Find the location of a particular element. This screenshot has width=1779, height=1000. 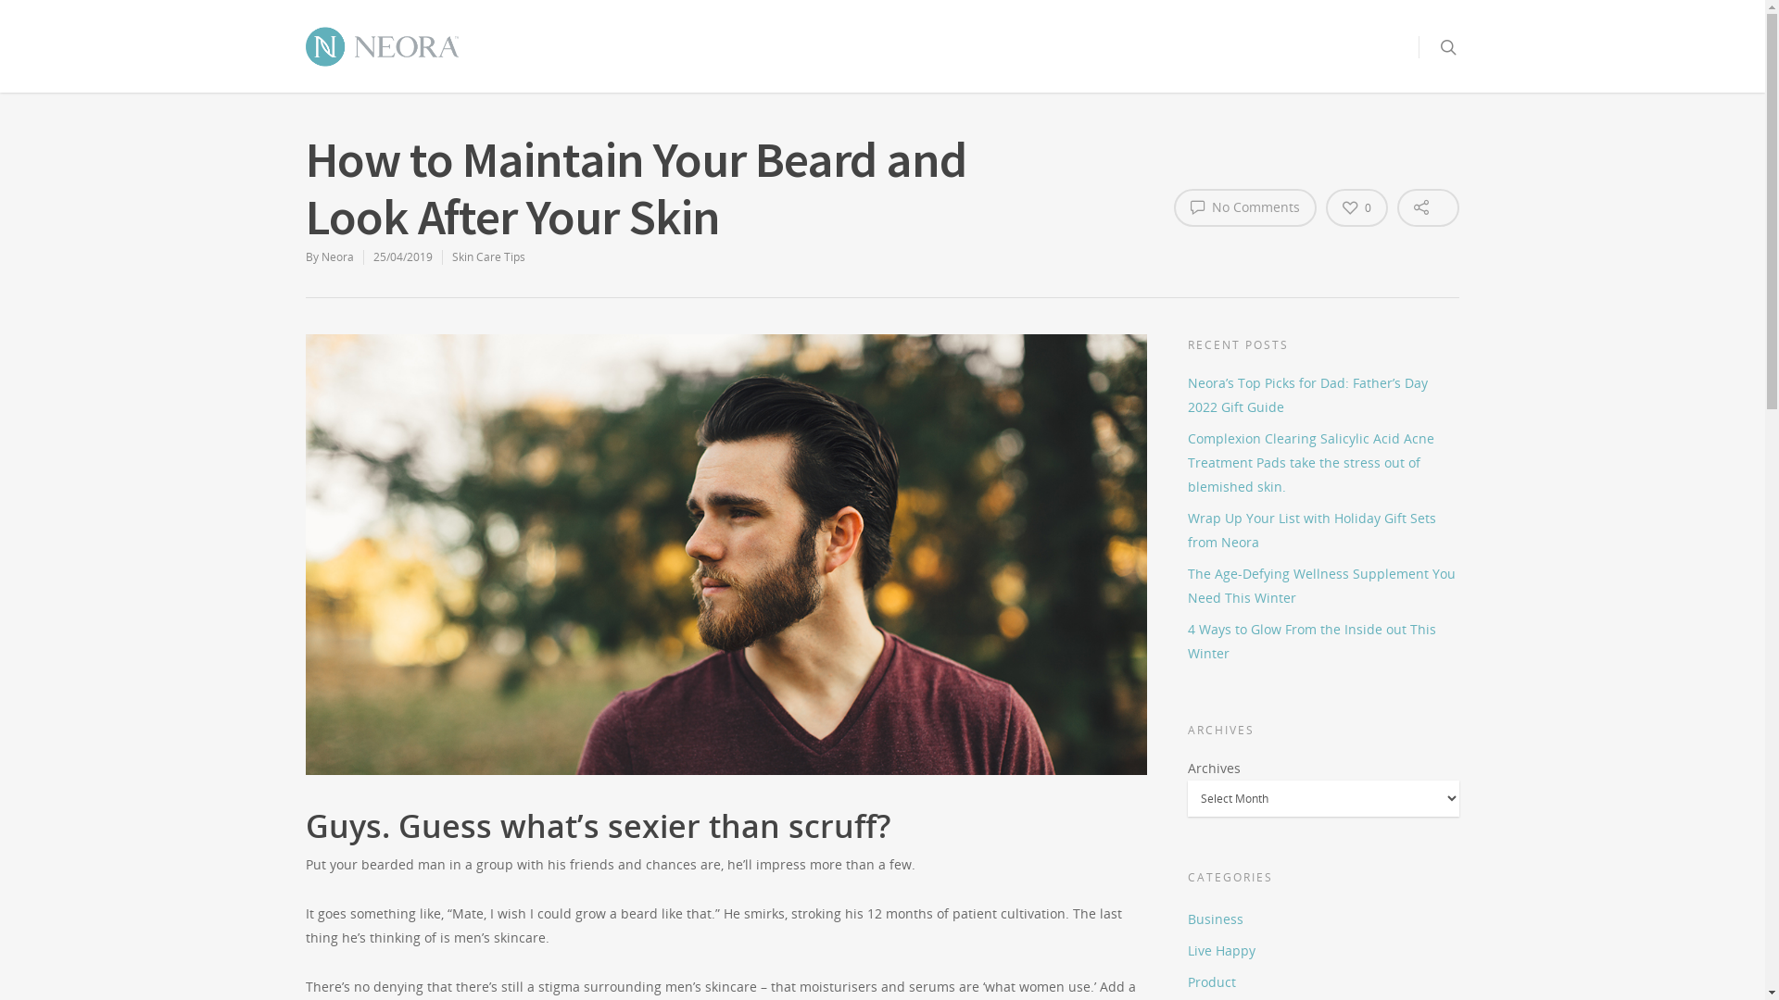

'0' is located at coordinates (1324, 207).